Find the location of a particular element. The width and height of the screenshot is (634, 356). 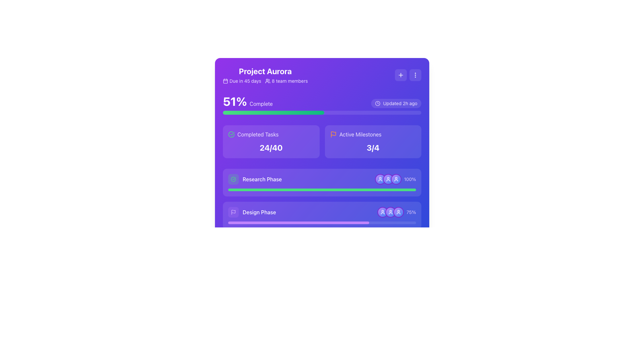

the flag-shaped icon located inside the 'Design Phase' rectangle, which is below the 'Research Phase' section is located at coordinates (233, 211).